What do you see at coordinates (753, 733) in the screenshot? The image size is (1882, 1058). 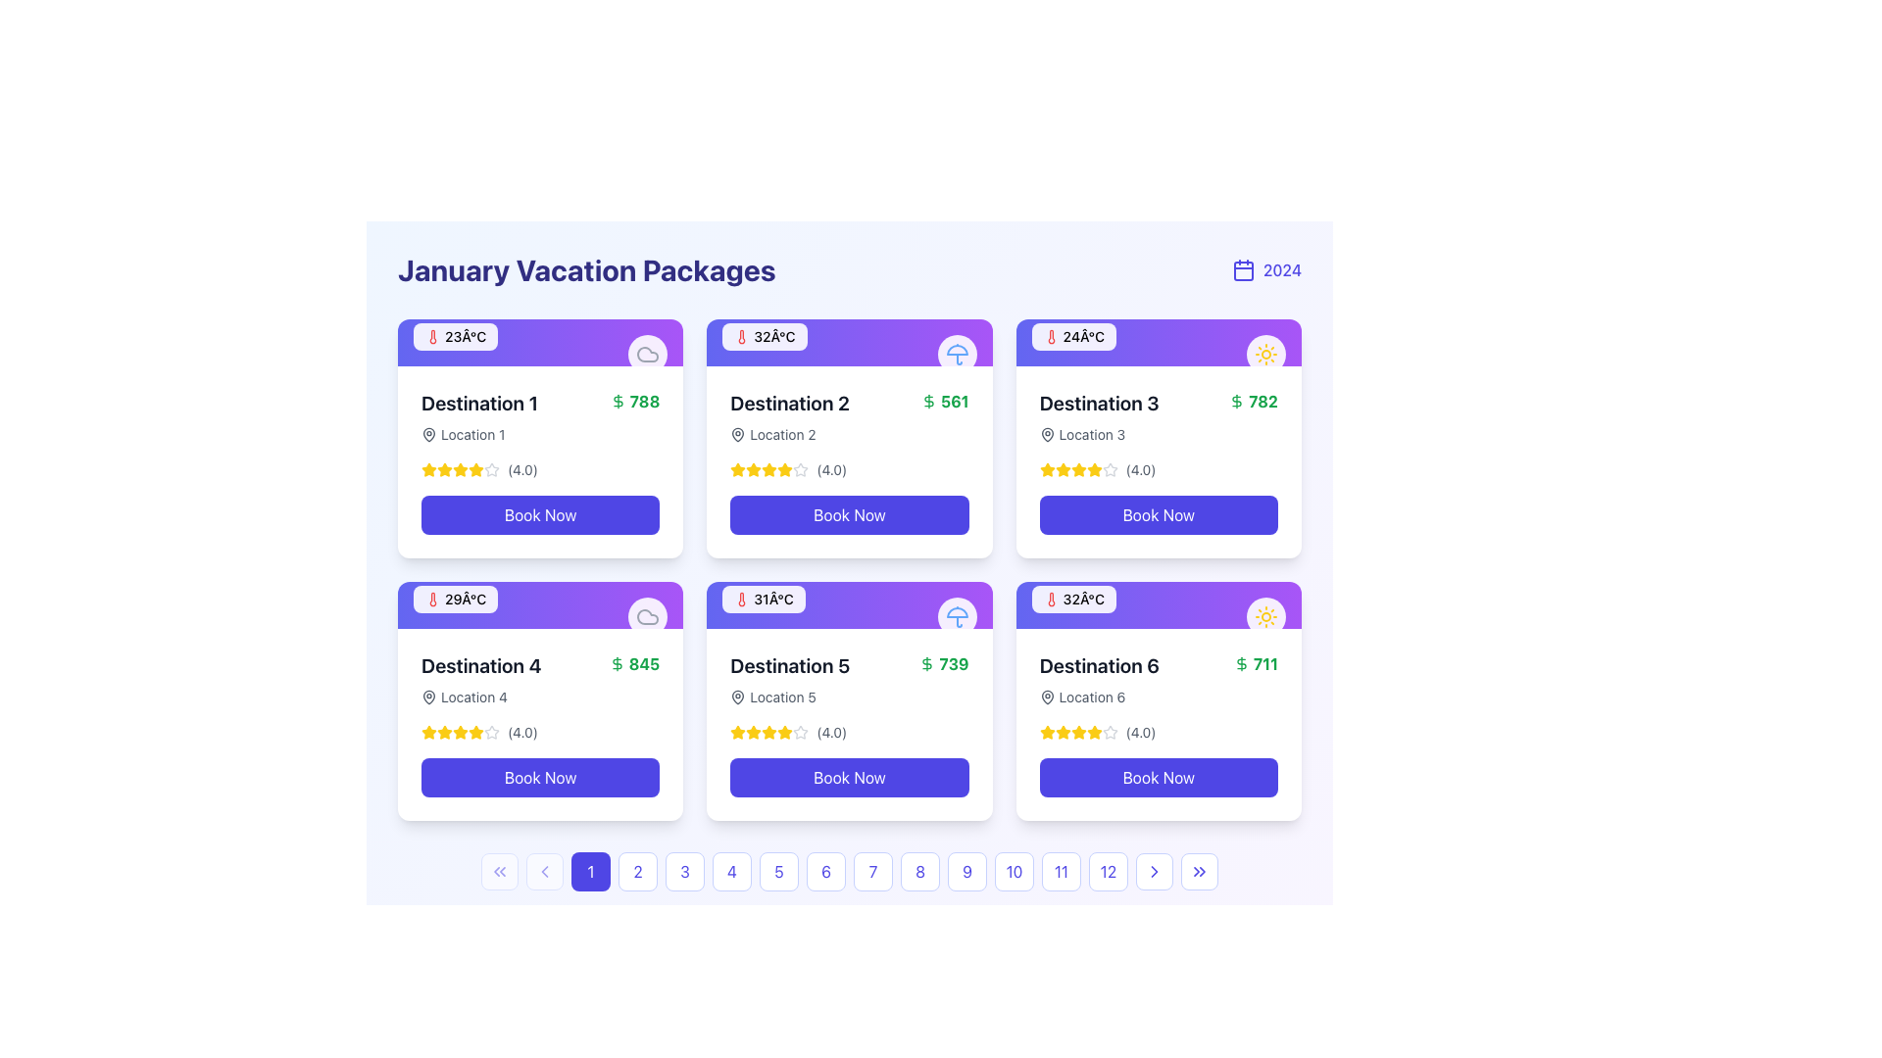 I see `the third star in the rating system displayed beneath the text 'Destination 5' and 'Location 5'` at bounding box center [753, 733].